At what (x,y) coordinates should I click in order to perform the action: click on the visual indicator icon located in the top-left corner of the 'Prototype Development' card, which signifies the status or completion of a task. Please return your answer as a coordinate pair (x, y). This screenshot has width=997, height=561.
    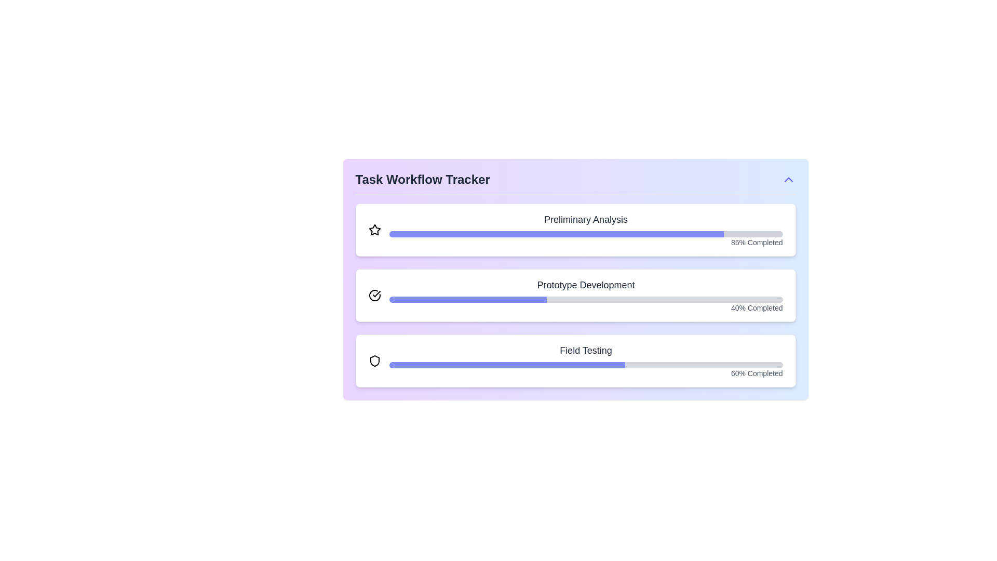
    Looking at the image, I should click on (374, 296).